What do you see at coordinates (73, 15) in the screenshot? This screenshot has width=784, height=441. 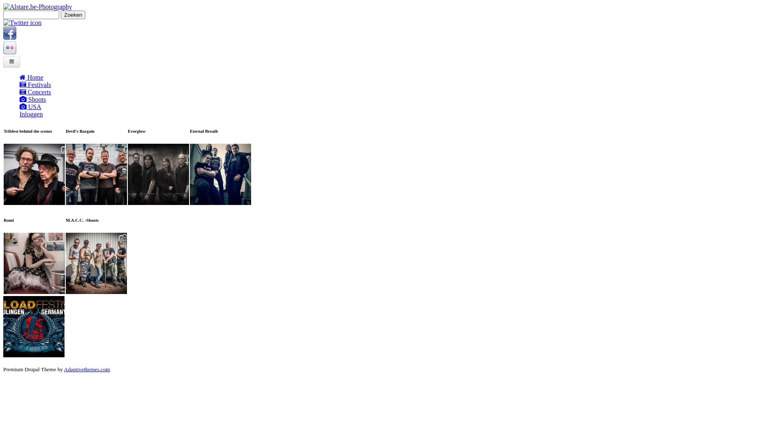 I see `'Zoeken'` at bounding box center [73, 15].